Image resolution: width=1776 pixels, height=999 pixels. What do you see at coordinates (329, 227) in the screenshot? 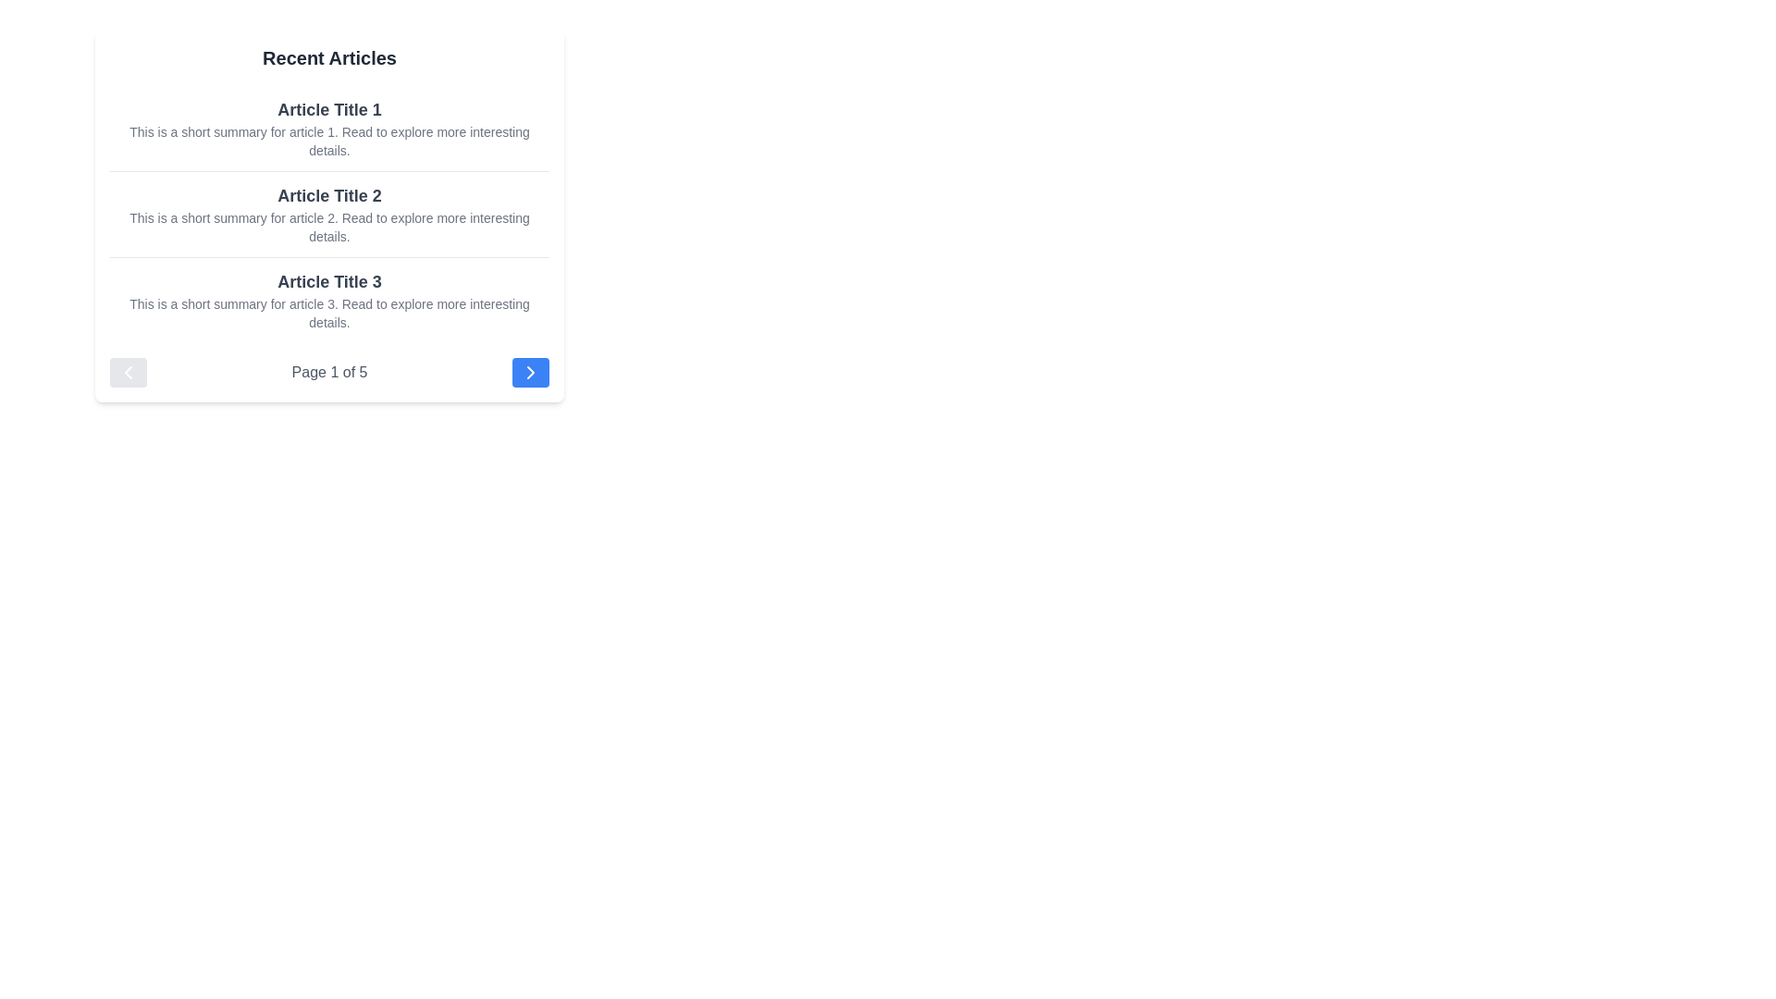
I see `the text content that provides a brief summary of the associated article, which is located below the title 'Article Title 2' in the 'Recent Articles' section` at bounding box center [329, 227].